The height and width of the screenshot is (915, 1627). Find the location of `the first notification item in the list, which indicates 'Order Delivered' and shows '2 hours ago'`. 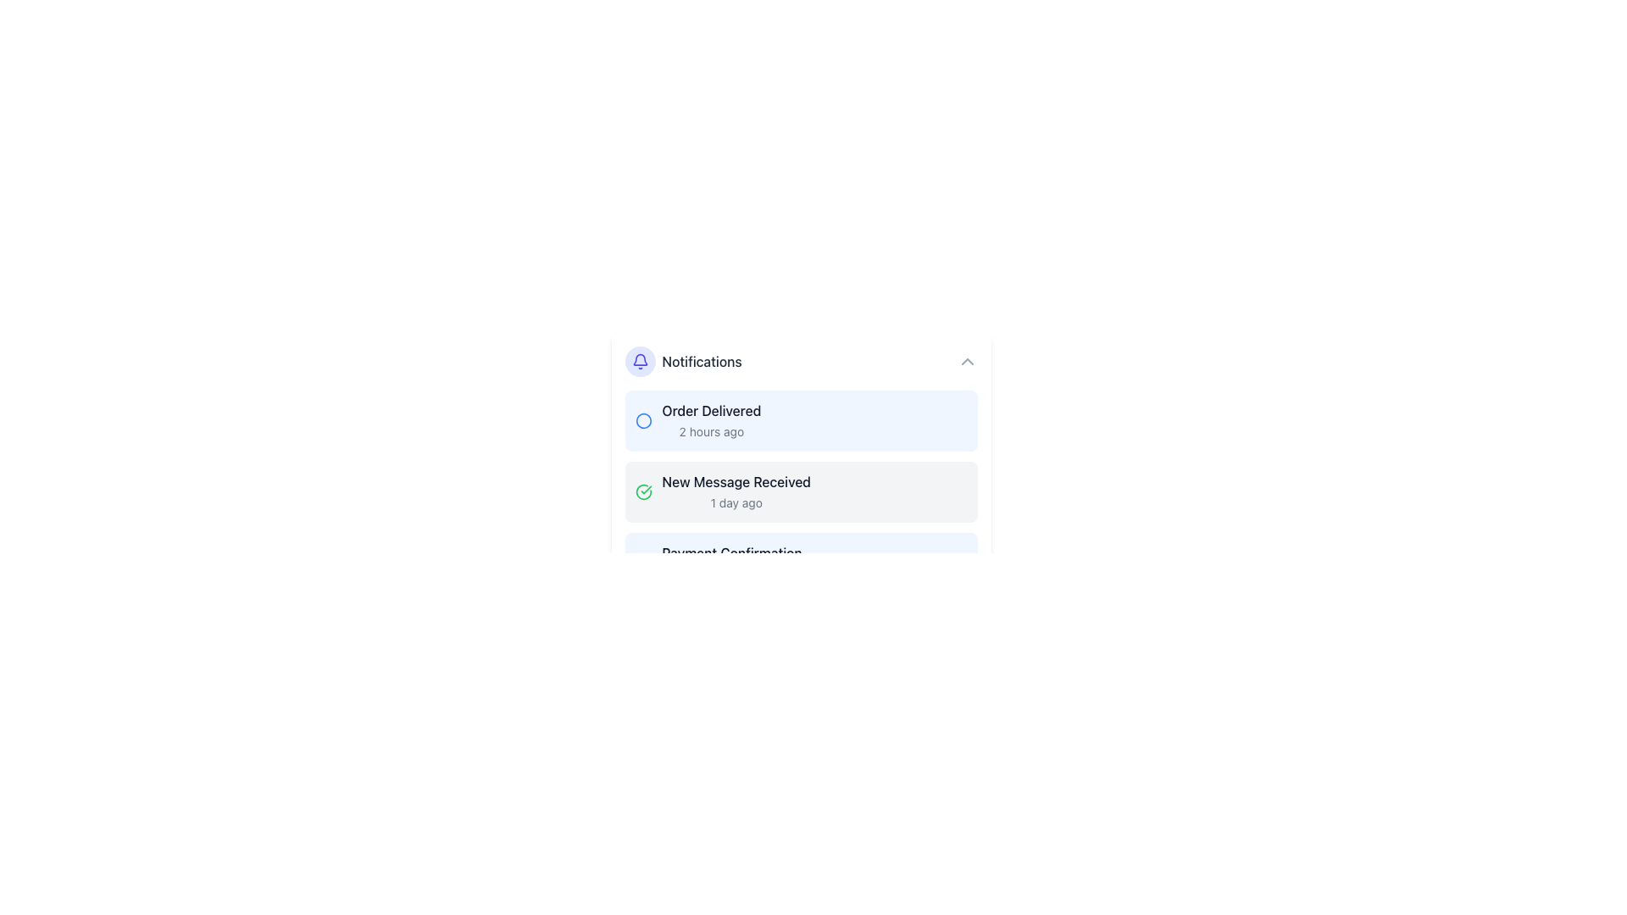

the first notification item in the list, which indicates 'Order Delivered' and shows '2 hours ago' is located at coordinates (697, 420).